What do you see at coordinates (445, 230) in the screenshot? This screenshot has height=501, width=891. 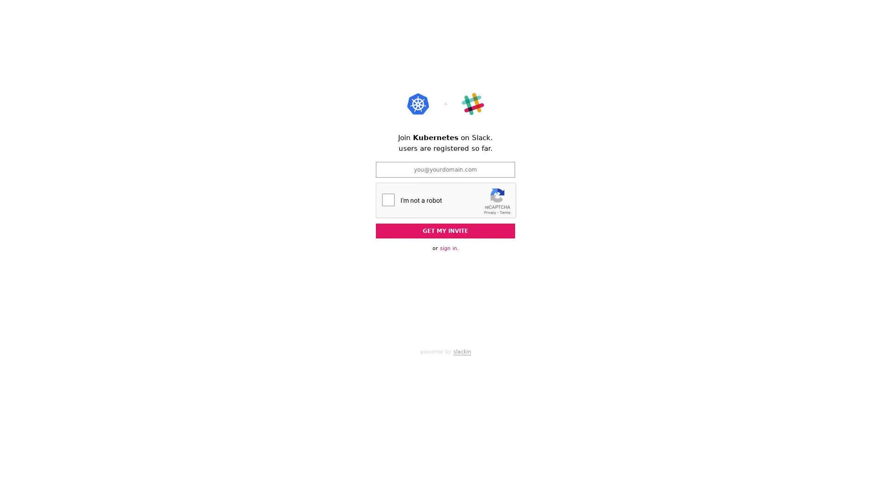 I see `GET MY INVITE` at bounding box center [445, 230].